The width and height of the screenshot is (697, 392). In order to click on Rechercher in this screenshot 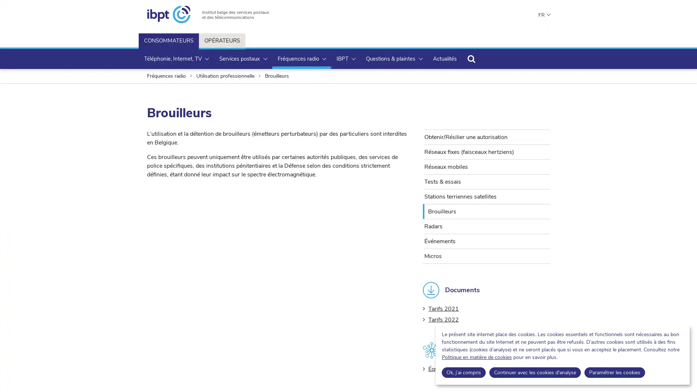, I will do `click(472, 58)`.